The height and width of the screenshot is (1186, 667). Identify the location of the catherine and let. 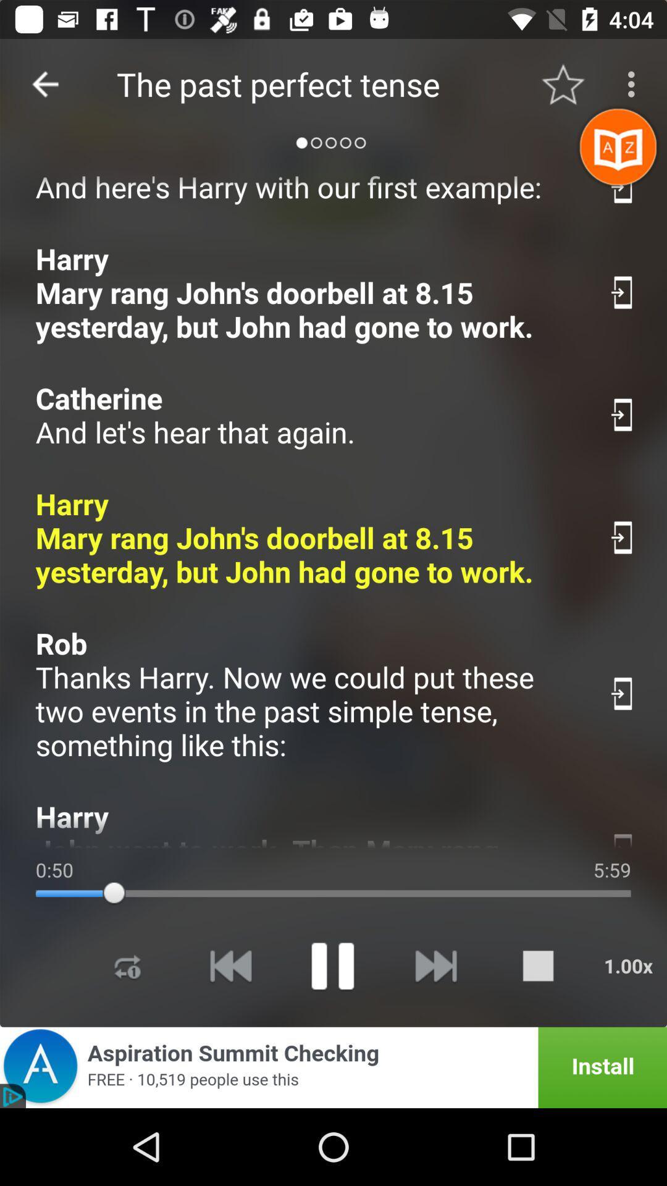
(308, 415).